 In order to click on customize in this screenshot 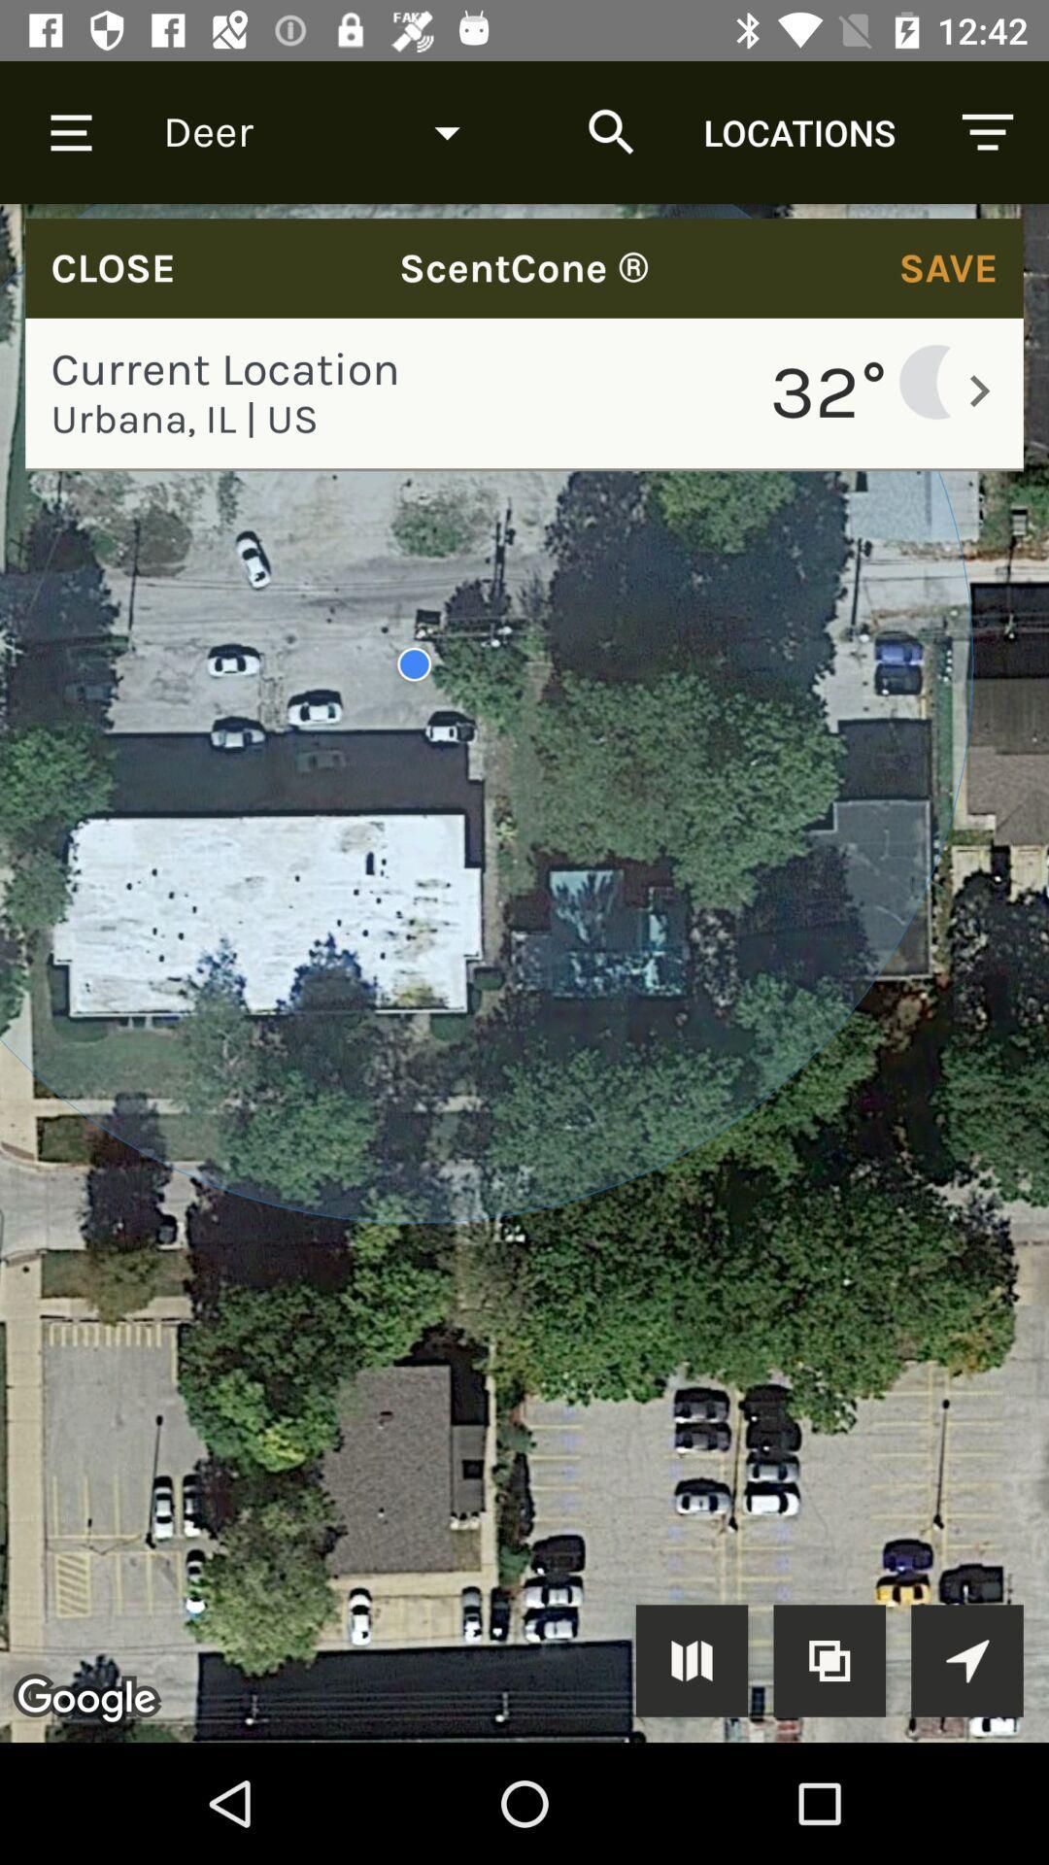, I will do `click(829, 1659)`.